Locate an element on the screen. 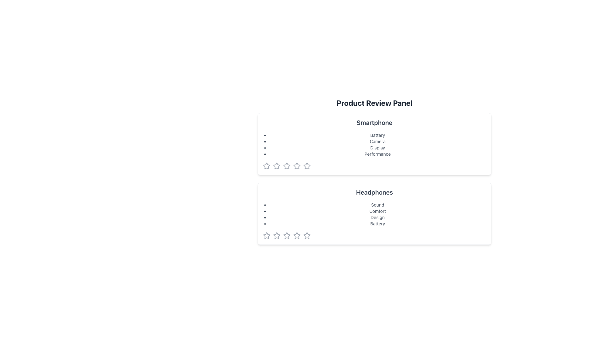 Image resolution: width=604 pixels, height=339 pixels. the fifth star icon in the rating system located below the 'Headphones' section to rate it is located at coordinates (306, 235).